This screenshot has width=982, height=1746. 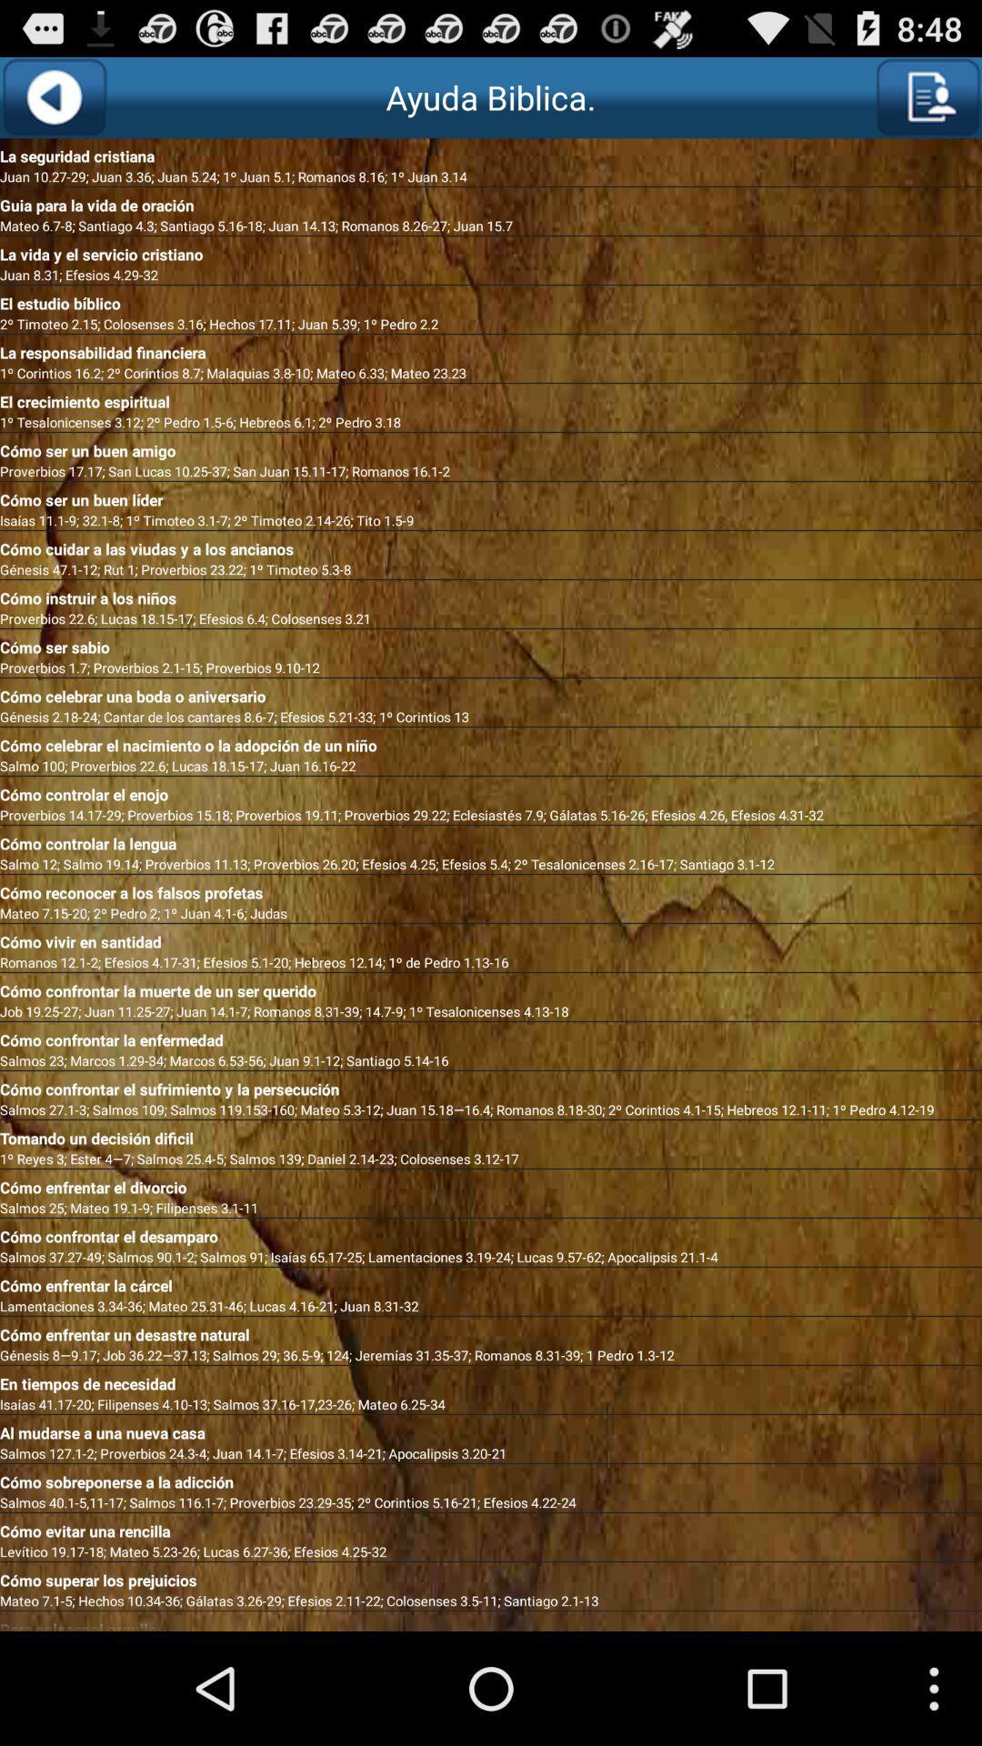 I want to click on en tiempos de app, so click(x=491, y=1380).